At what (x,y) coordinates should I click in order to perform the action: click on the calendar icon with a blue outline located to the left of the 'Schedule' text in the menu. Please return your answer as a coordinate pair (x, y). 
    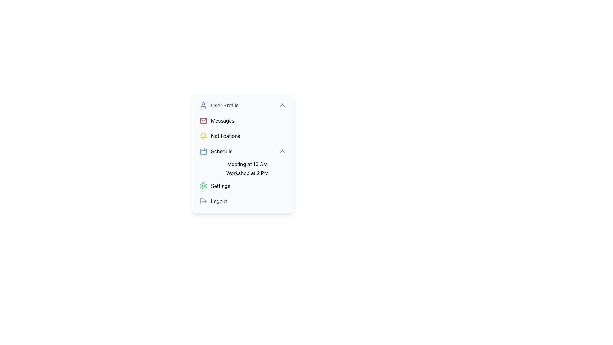
    Looking at the image, I should click on (203, 151).